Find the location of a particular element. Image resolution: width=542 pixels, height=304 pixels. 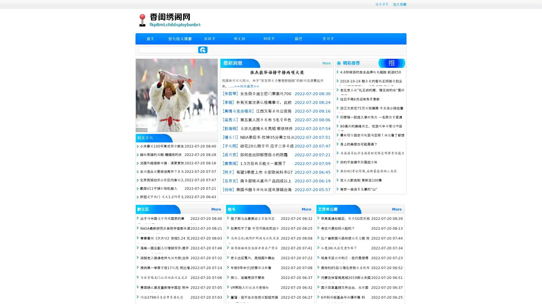

Search is located at coordinates (203, 50).